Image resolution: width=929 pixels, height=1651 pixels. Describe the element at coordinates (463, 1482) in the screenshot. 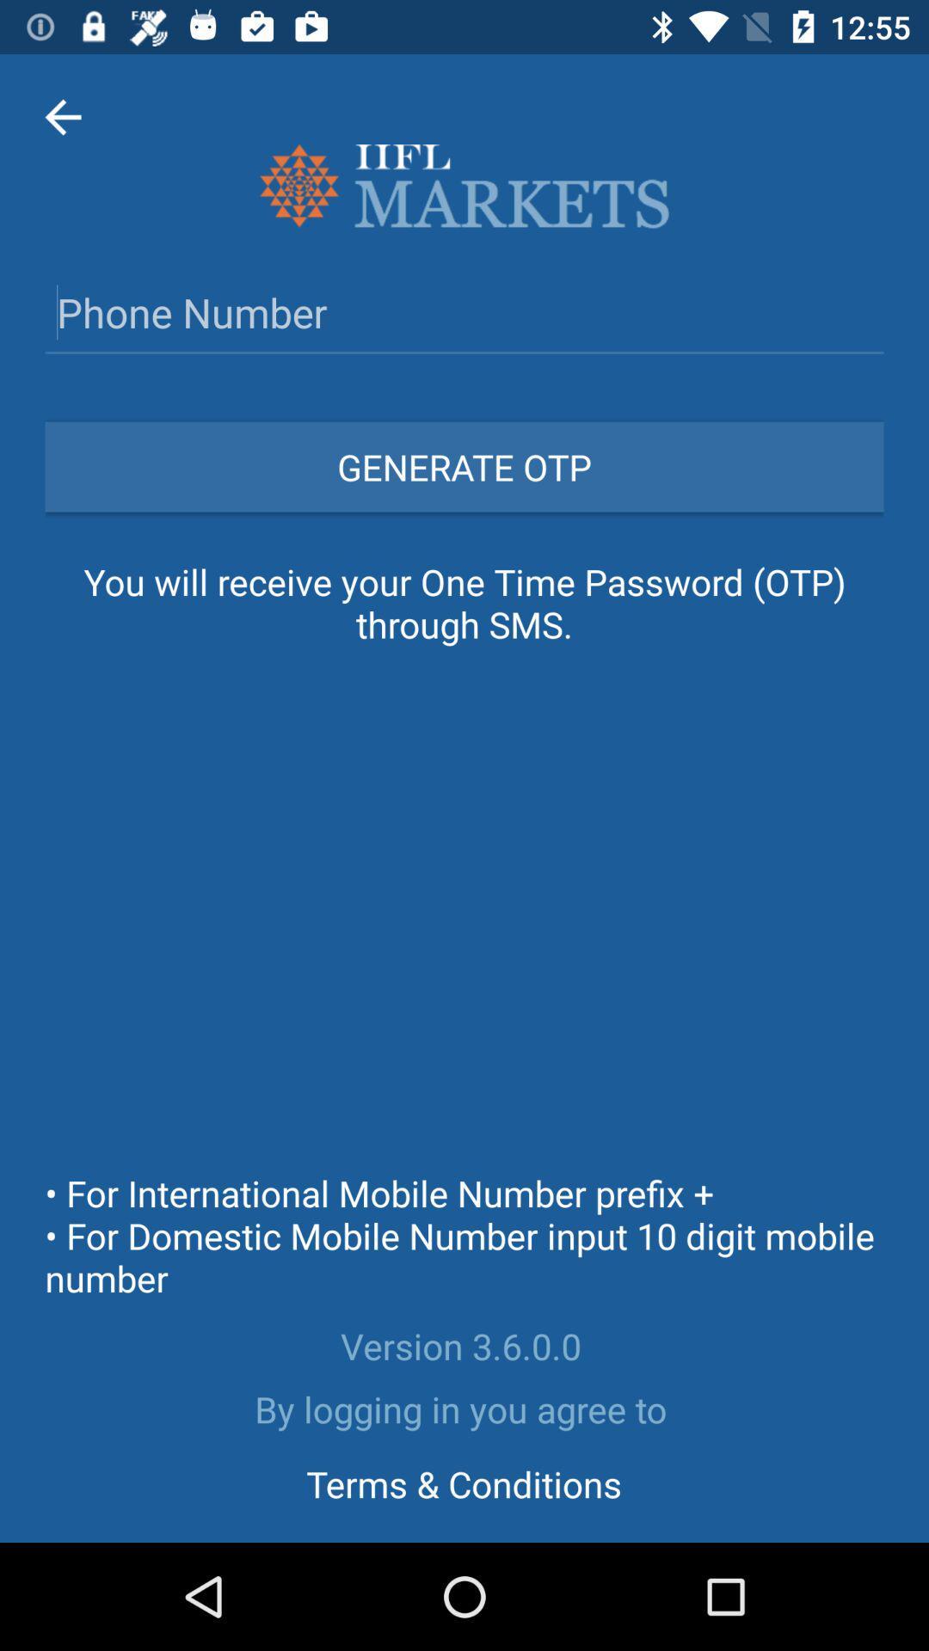

I see `the terms & conditions item` at that location.